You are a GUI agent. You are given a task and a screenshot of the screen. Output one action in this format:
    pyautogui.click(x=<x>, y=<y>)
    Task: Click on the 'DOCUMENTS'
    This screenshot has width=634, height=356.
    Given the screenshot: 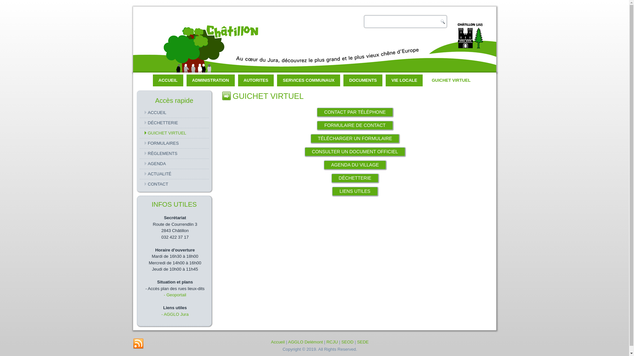 What is the action you would take?
    pyautogui.click(x=343, y=80)
    